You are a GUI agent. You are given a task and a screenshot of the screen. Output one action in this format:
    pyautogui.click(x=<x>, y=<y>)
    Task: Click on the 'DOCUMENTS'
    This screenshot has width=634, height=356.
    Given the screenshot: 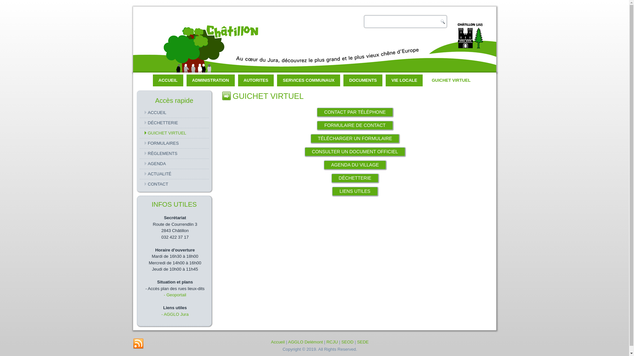 What is the action you would take?
    pyautogui.click(x=343, y=80)
    